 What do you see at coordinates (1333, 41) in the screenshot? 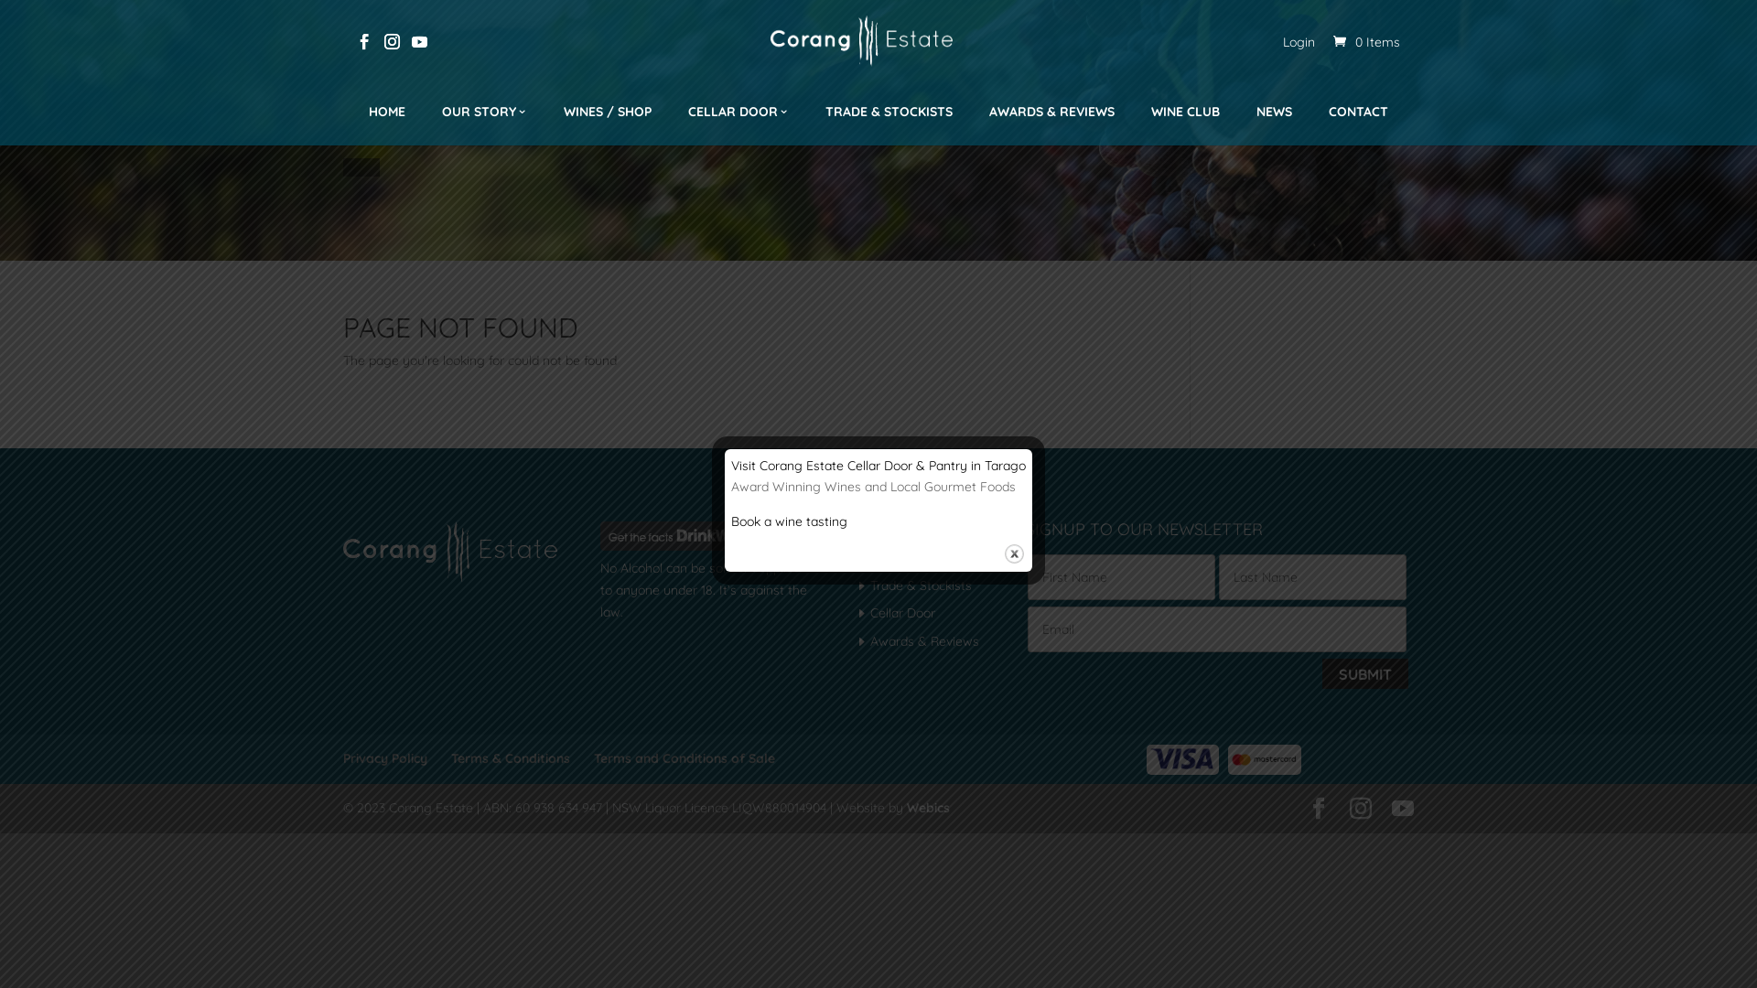
I see `'0 Items'` at bounding box center [1333, 41].